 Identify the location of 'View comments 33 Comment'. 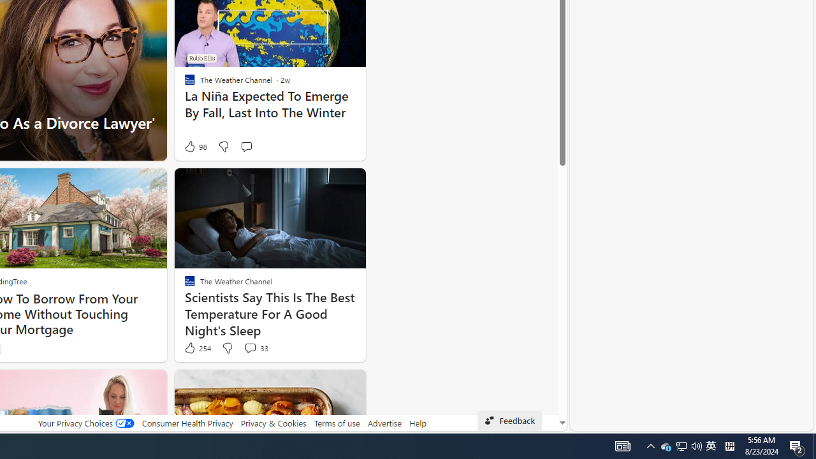
(255, 348).